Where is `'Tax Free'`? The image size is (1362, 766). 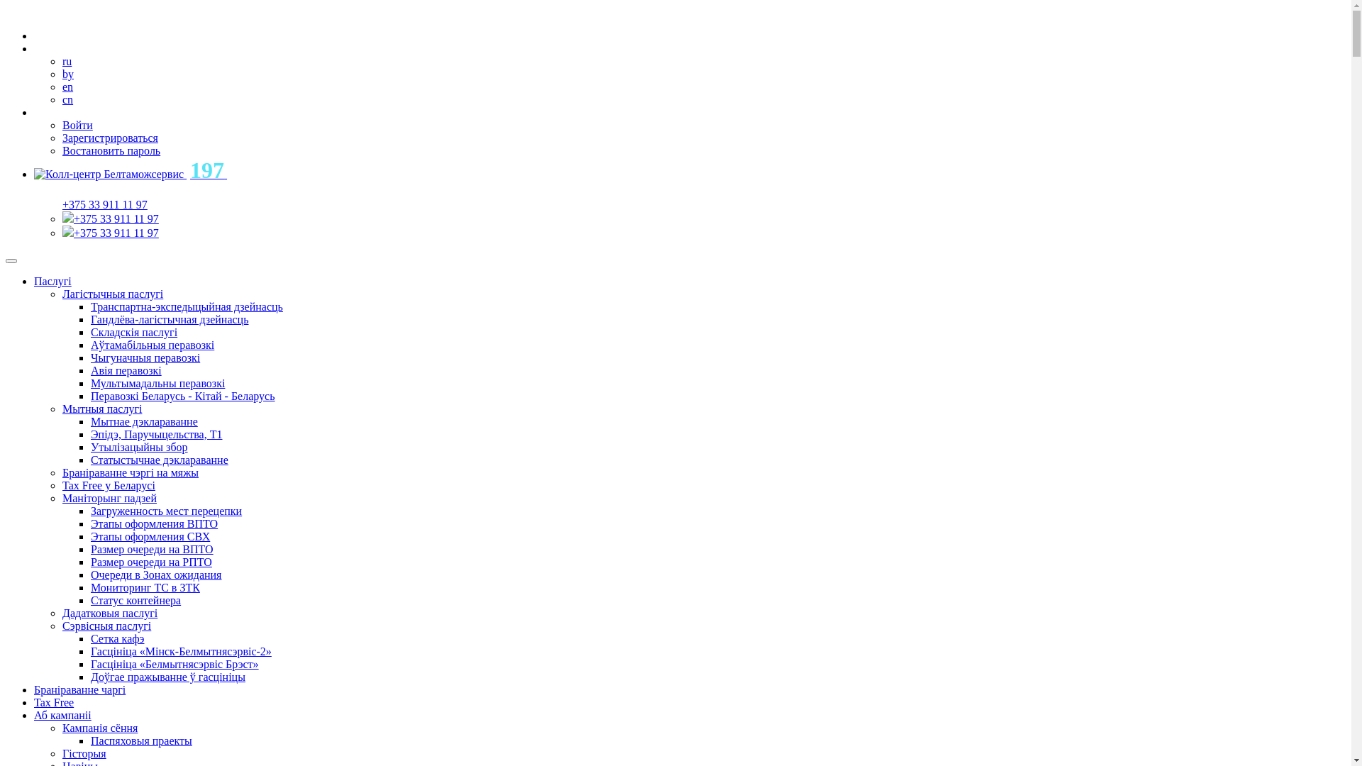 'Tax Free' is located at coordinates (54, 702).